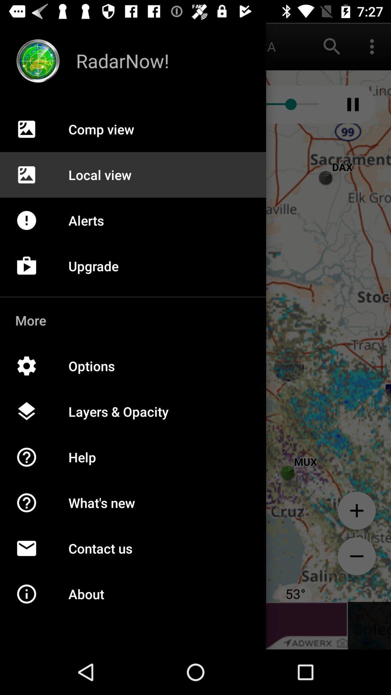 The image size is (391, 695). I want to click on the help icon, so click(34, 465).